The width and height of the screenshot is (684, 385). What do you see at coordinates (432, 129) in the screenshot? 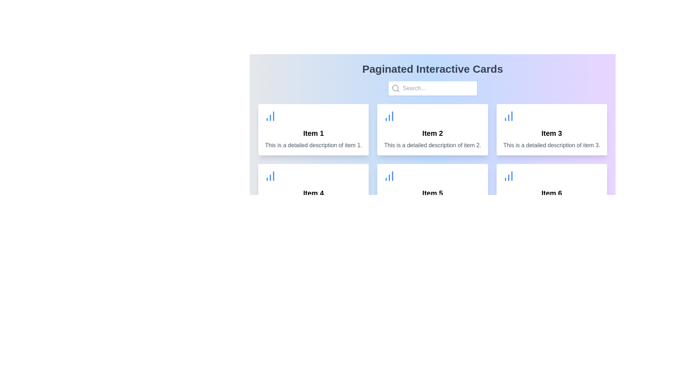
I see `the interactive card labeled 'Item 2' which features a blue vertical bar chart icon, bold black text, and a gray description, located in the second column of a grid layout` at bounding box center [432, 129].